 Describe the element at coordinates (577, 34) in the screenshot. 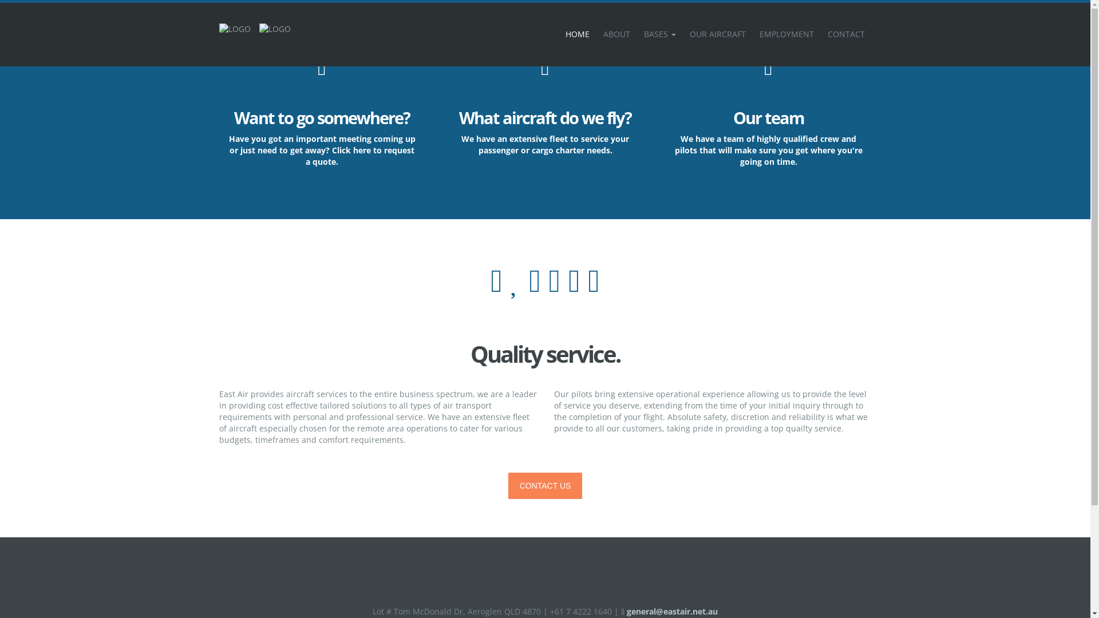

I see `'HOME'` at that location.